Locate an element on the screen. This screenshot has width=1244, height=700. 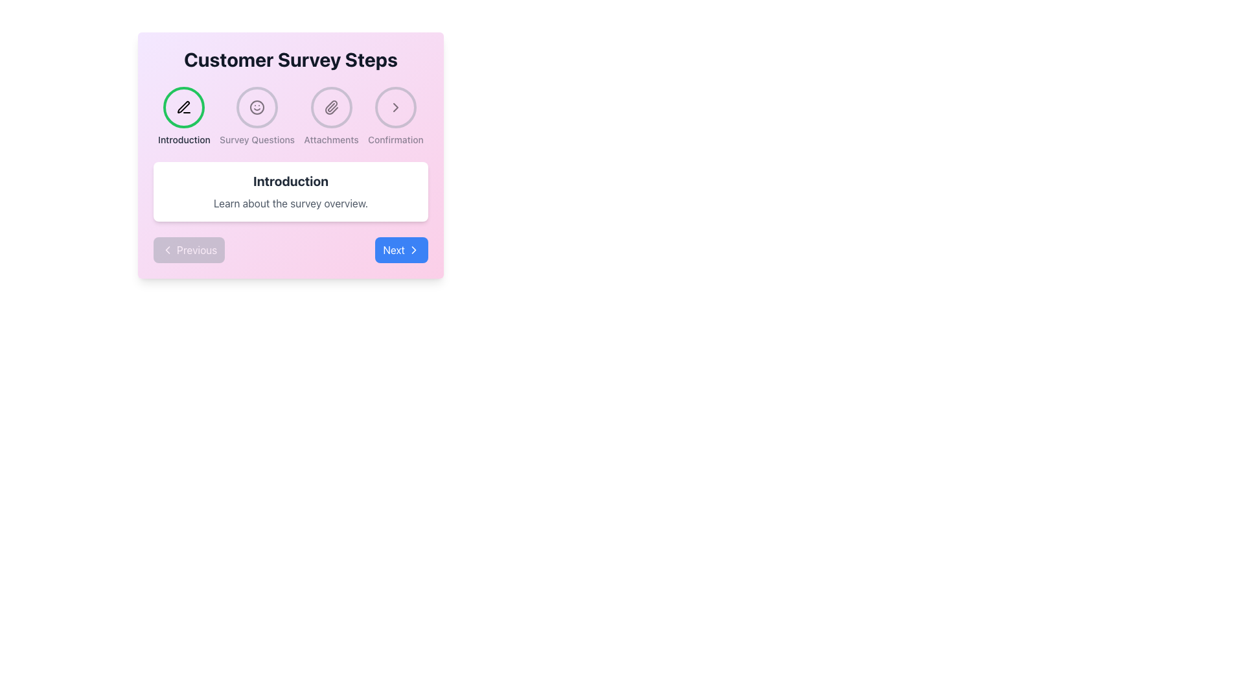
the first circular icon in the multi-step survey UI representing the 'Introduction' step to trigger a tooltip is located at coordinates (183, 106).